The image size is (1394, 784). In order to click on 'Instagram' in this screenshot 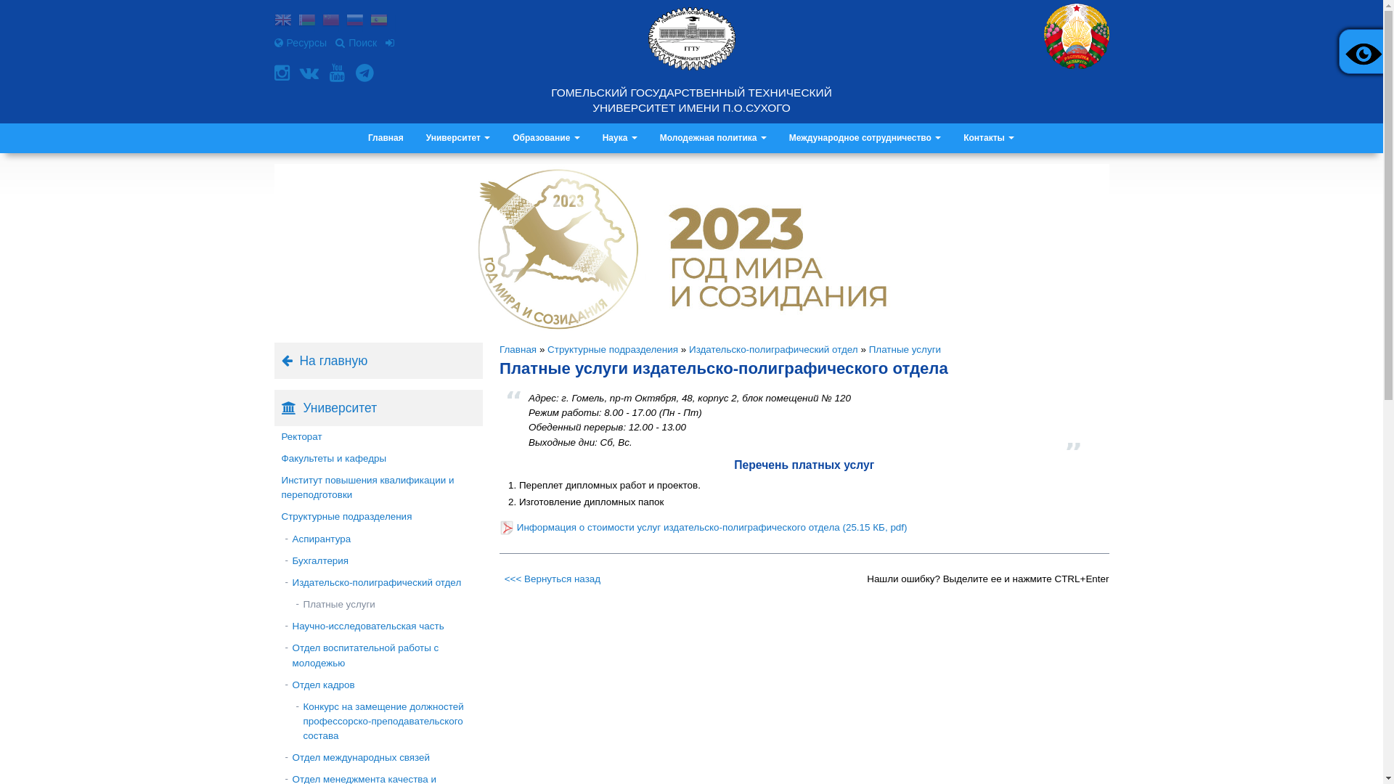, I will do `click(283, 73)`.